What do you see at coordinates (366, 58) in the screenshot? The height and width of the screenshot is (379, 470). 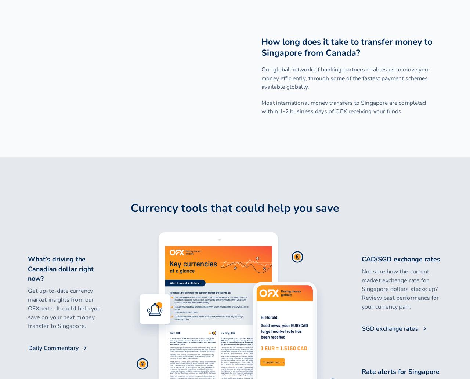 I see `'Find us on social media'` at bounding box center [366, 58].